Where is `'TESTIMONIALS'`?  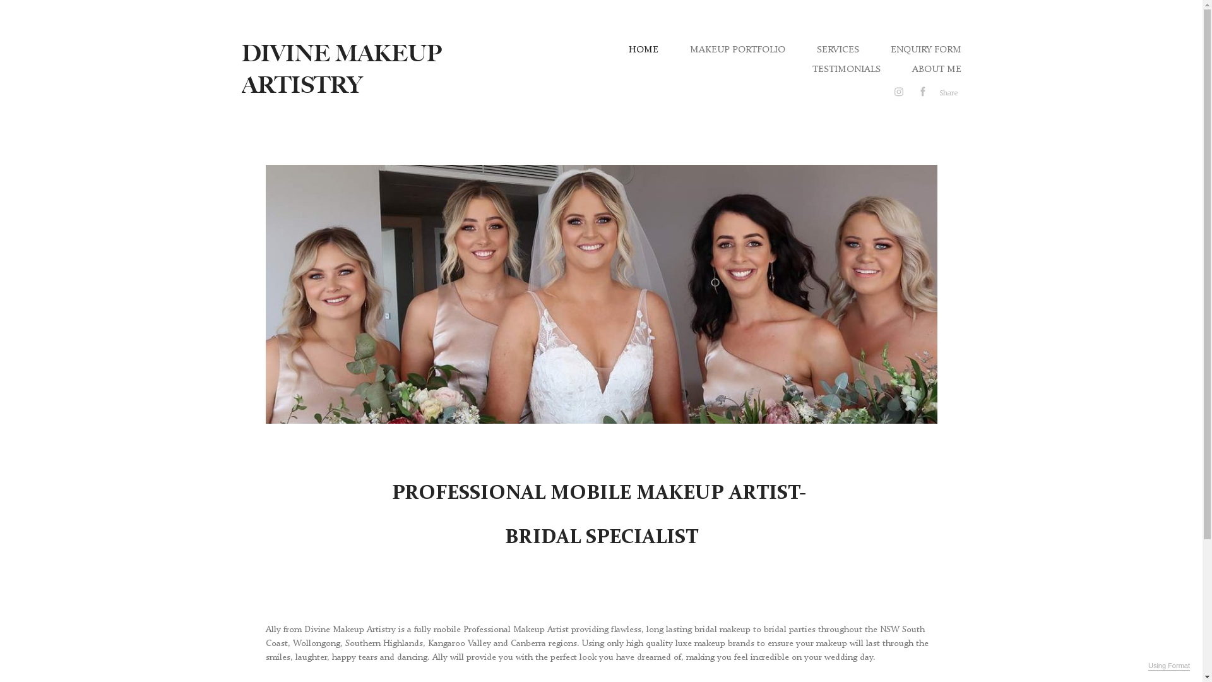
'TESTIMONIALS' is located at coordinates (845, 68).